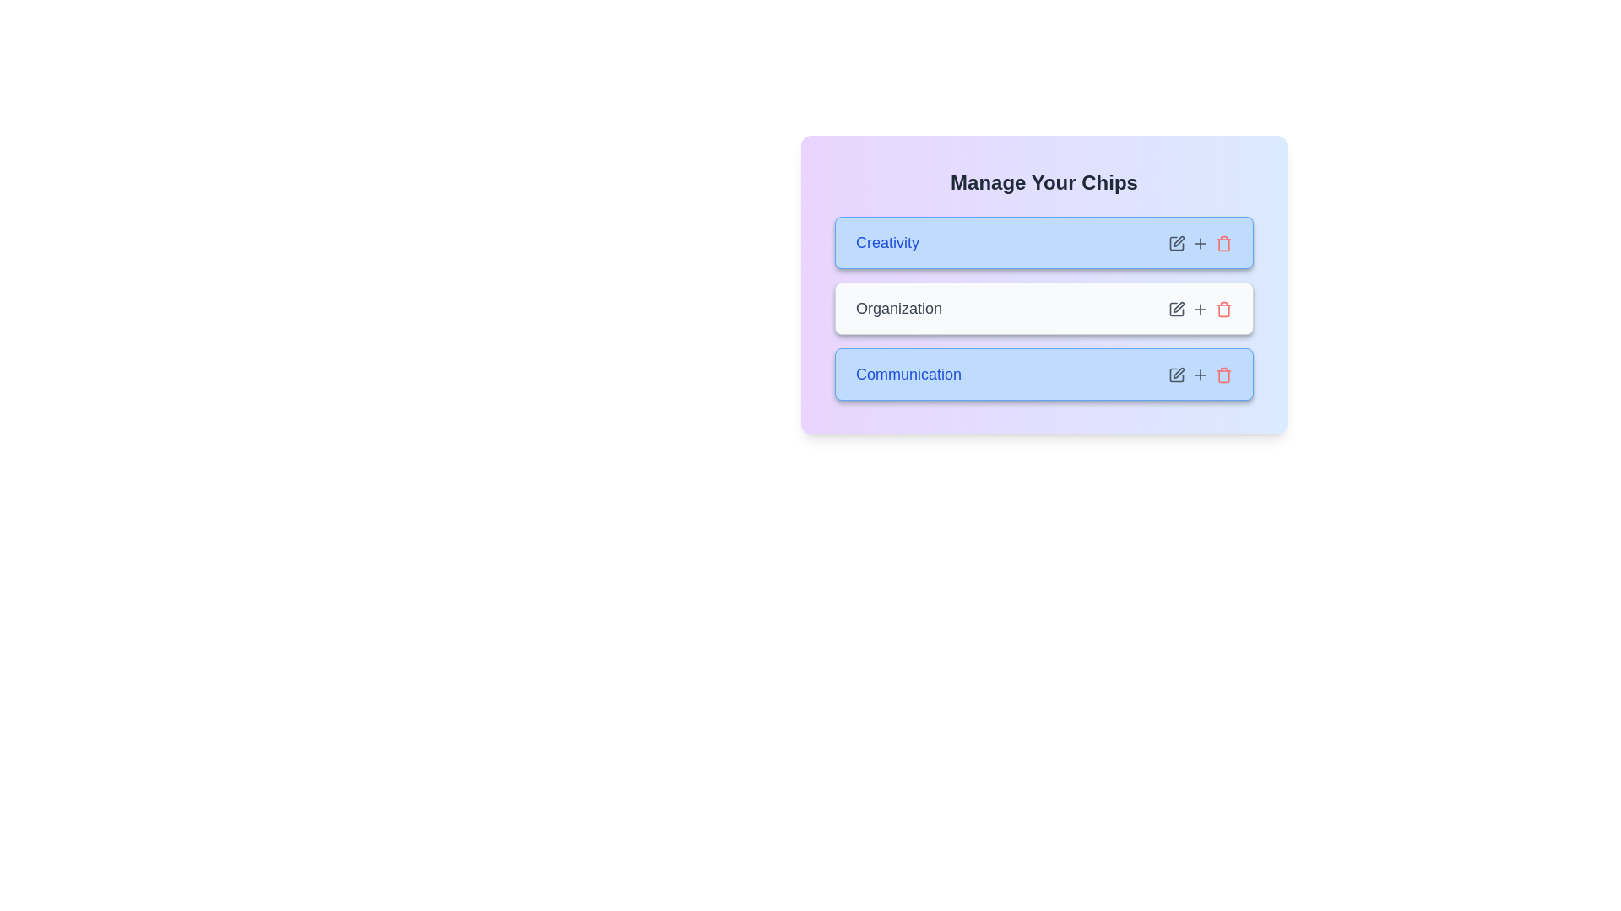  What do you see at coordinates (1223, 374) in the screenshot?
I see `delete icon for the chip labeled 'Communication'` at bounding box center [1223, 374].